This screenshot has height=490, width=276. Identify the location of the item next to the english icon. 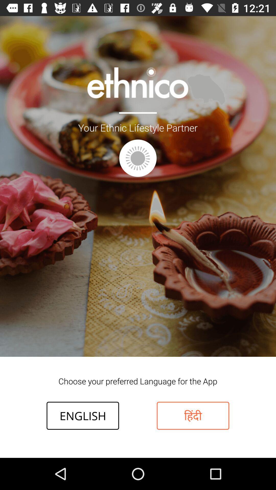
(193, 415).